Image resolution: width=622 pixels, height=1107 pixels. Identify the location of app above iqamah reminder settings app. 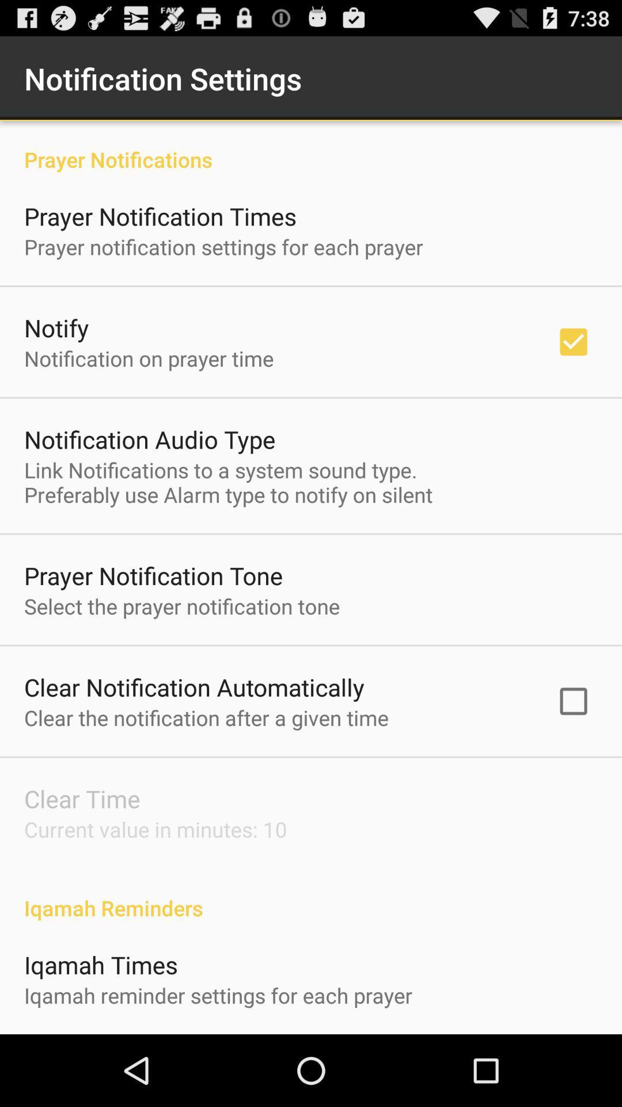
(100, 965).